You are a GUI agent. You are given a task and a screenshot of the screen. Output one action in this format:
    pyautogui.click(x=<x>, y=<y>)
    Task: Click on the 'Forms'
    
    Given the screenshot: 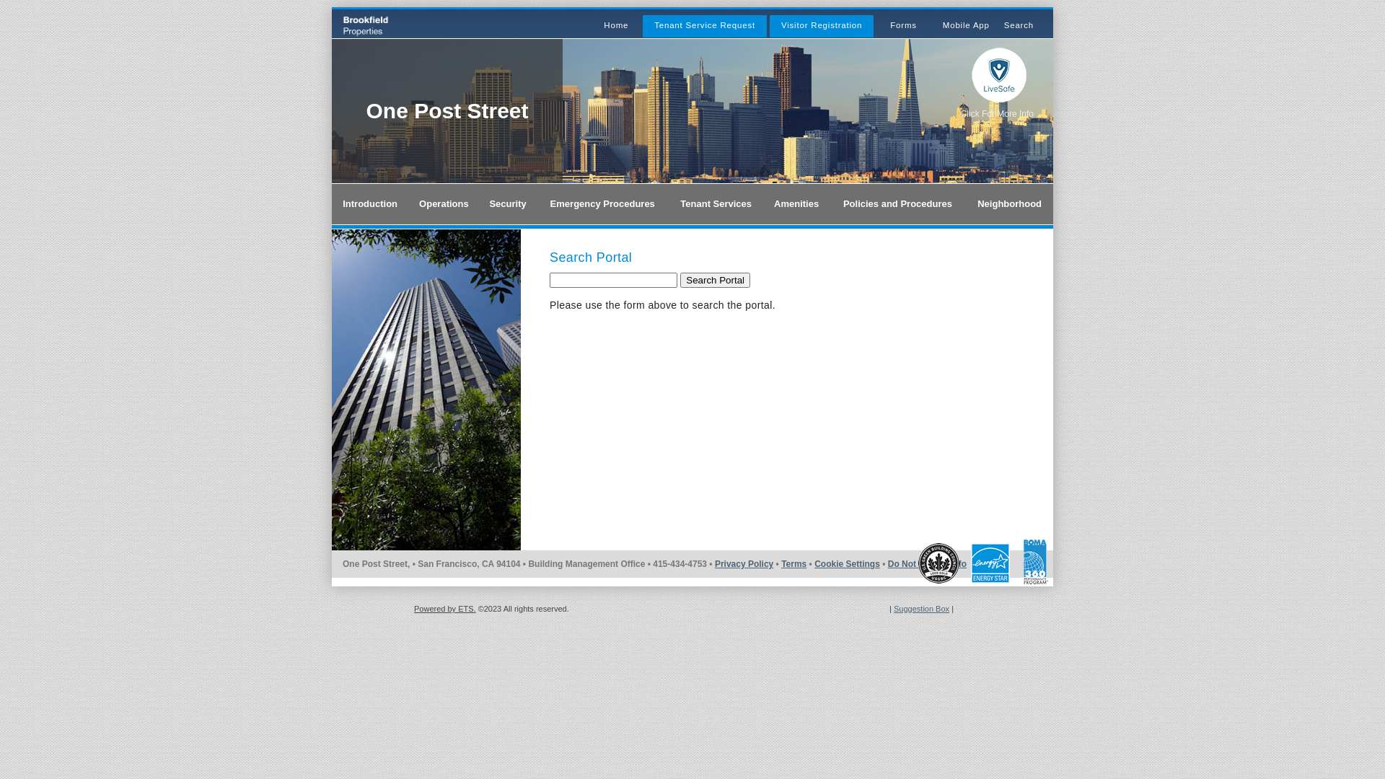 What is the action you would take?
    pyautogui.click(x=889, y=25)
    